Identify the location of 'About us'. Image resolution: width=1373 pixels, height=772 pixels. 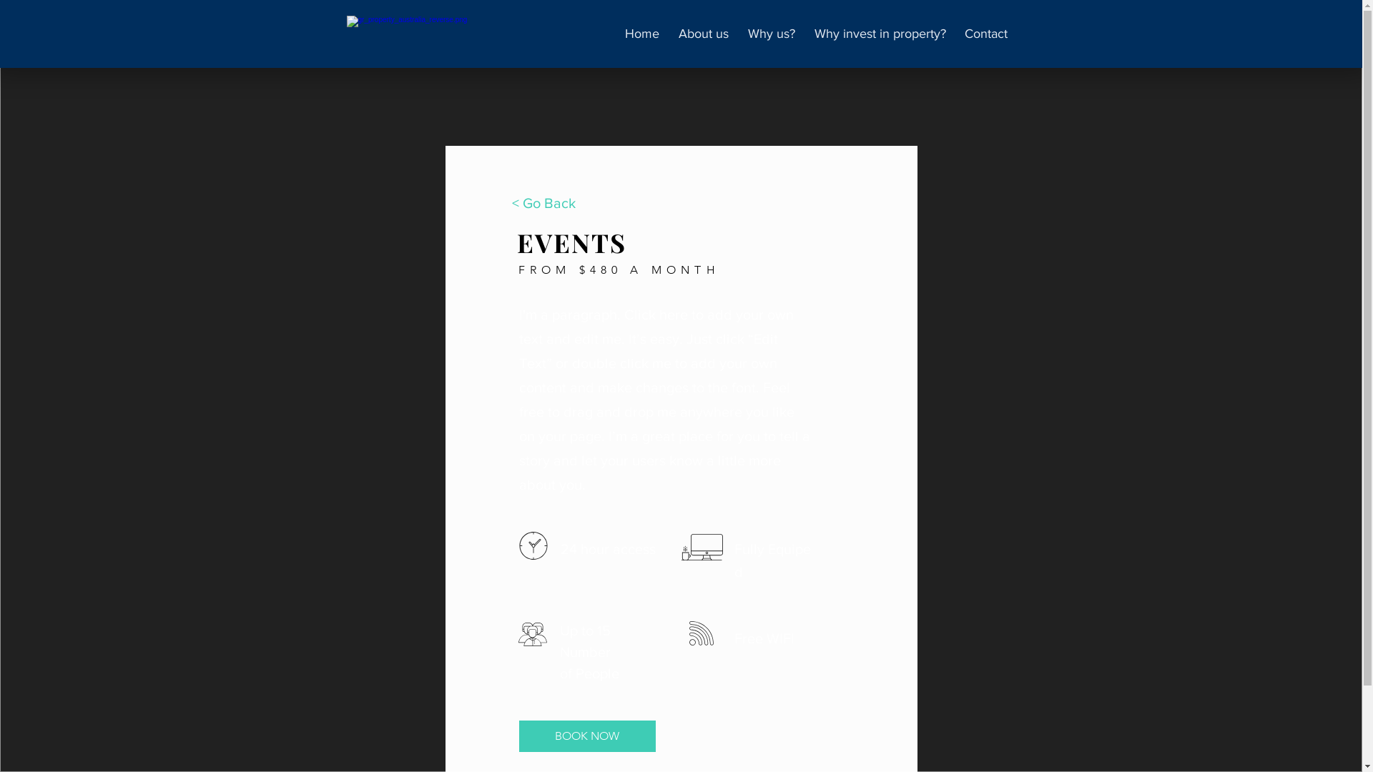
(701, 33).